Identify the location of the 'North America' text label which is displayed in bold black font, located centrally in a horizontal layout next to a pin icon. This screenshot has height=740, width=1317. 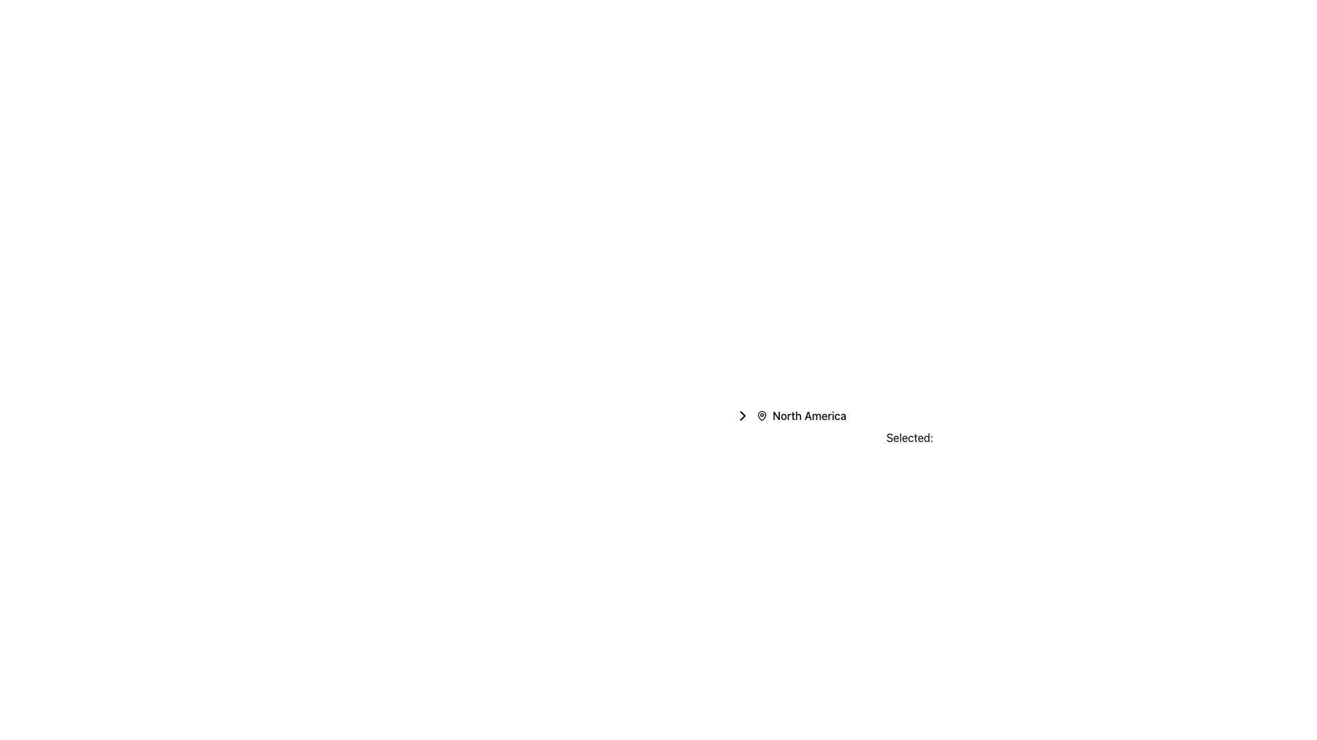
(809, 415).